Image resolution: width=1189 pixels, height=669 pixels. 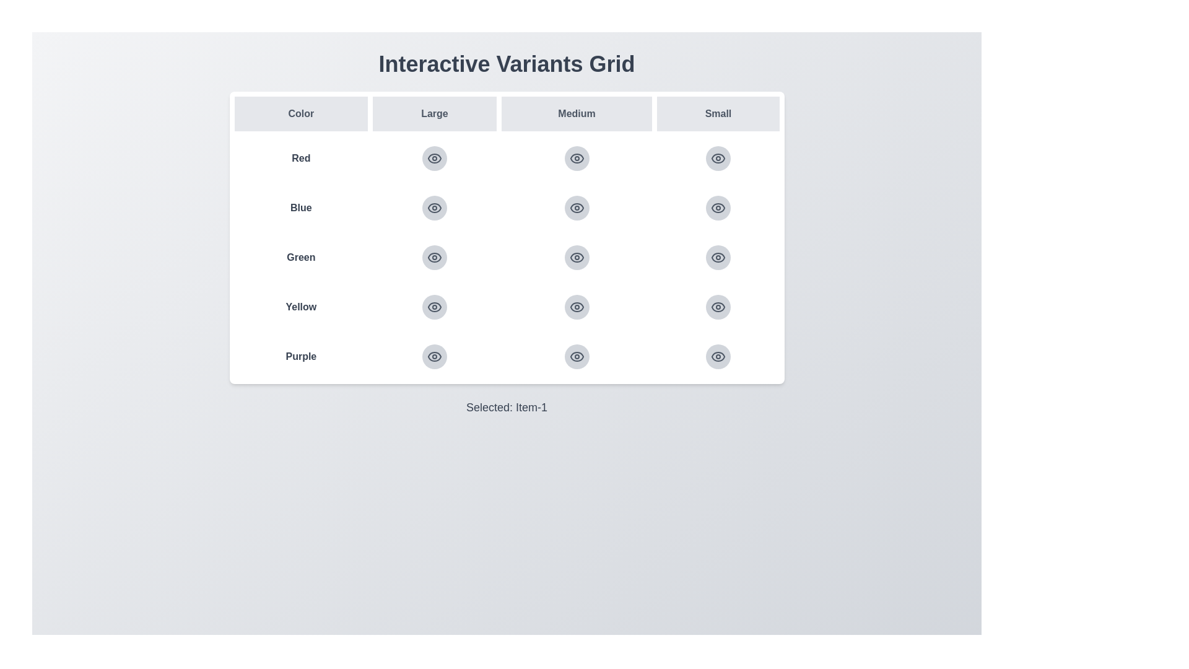 What do you see at coordinates (576, 307) in the screenshot?
I see `the button with an icon located in the fourth row labeled 'Yellow' and third column labeled 'Medium'` at bounding box center [576, 307].